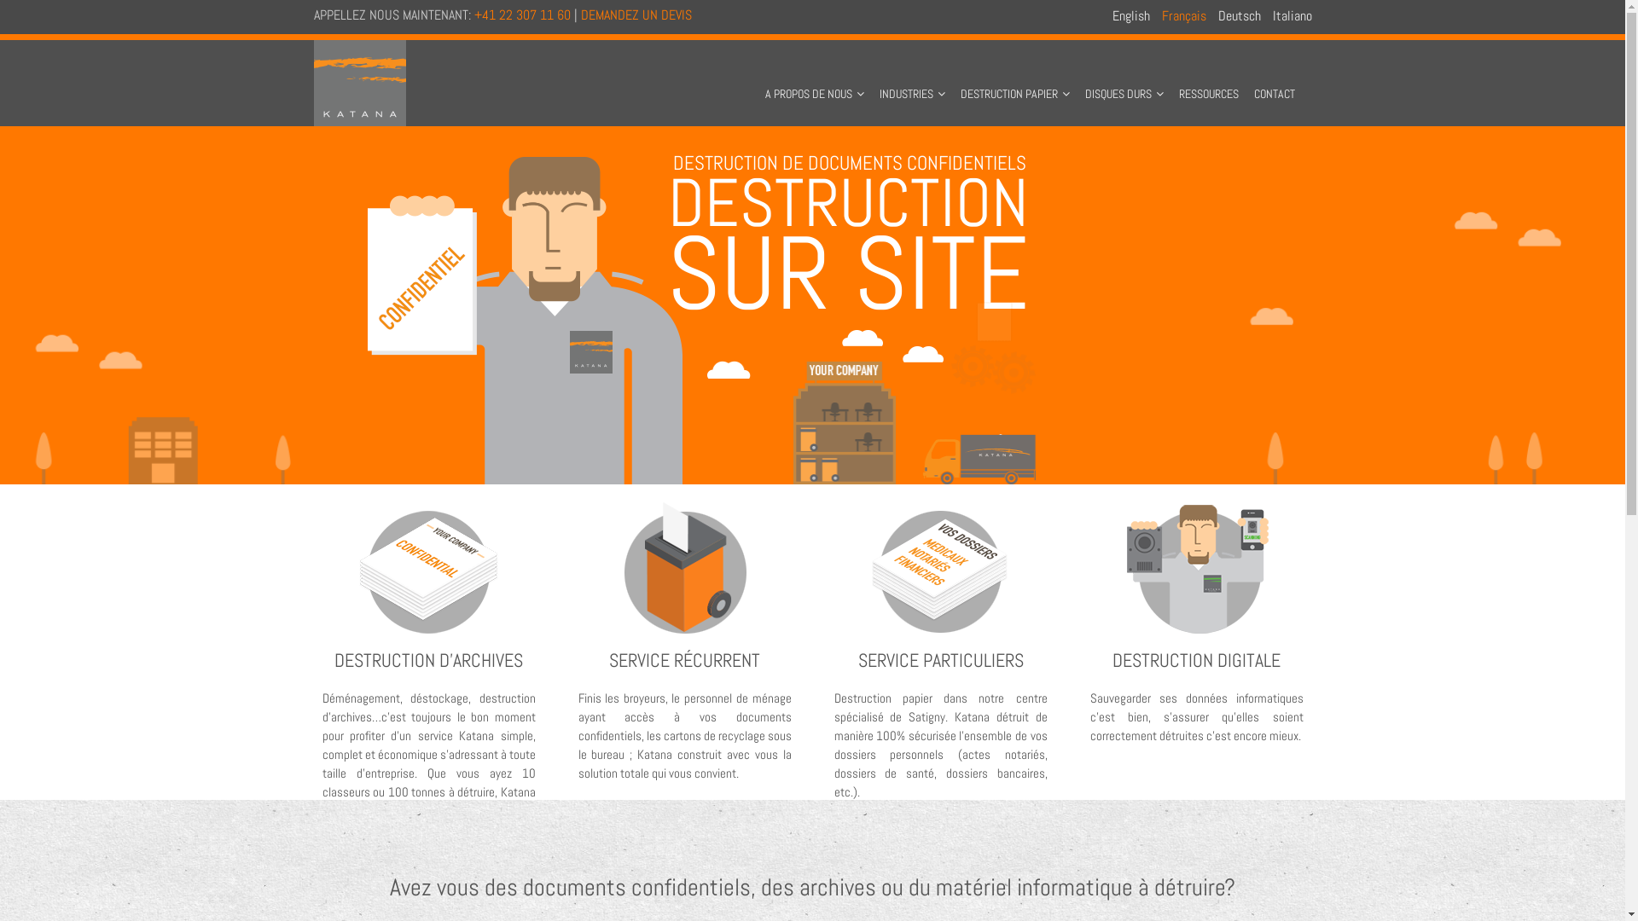 The image size is (1638, 921). What do you see at coordinates (634, 14) in the screenshot?
I see `'DEMANDEZ UN DEVIS'` at bounding box center [634, 14].